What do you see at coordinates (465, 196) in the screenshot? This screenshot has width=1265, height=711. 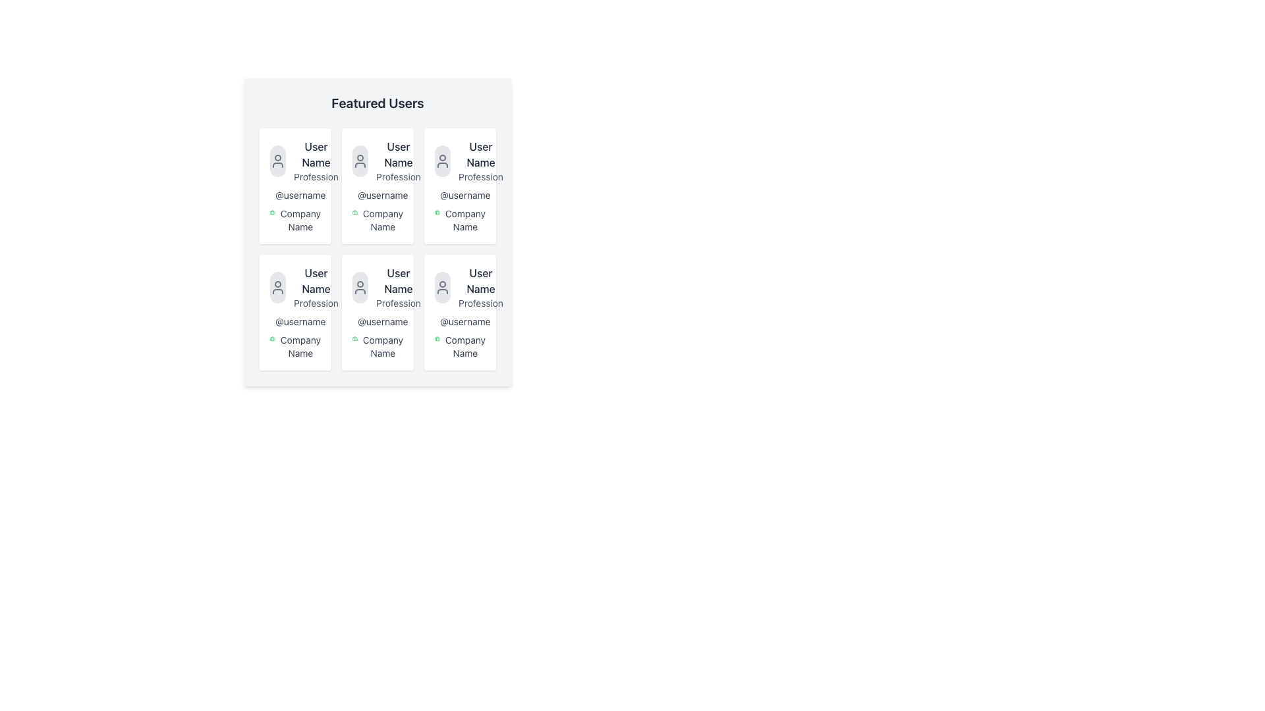 I see `the username text label located in the third card of the first row under the 'Featured Users' header, positioned below the 'User Name' label and above the 'Company Name' label` at bounding box center [465, 196].